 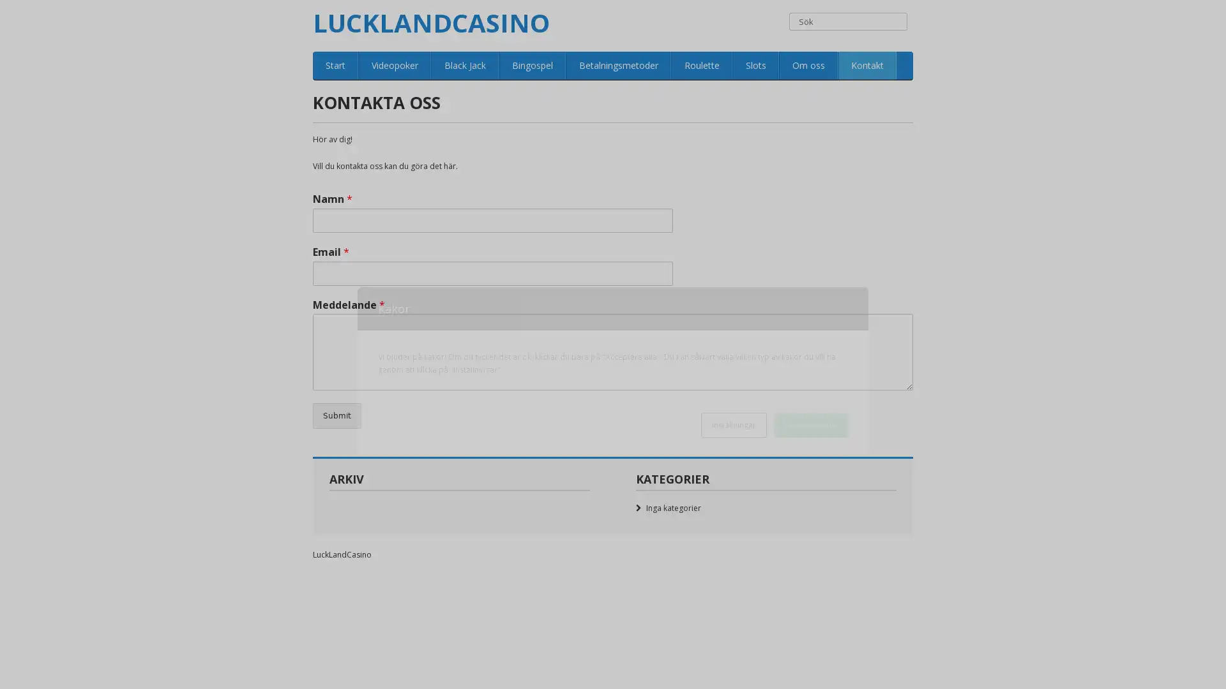 I want to click on Submit, so click(x=337, y=415).